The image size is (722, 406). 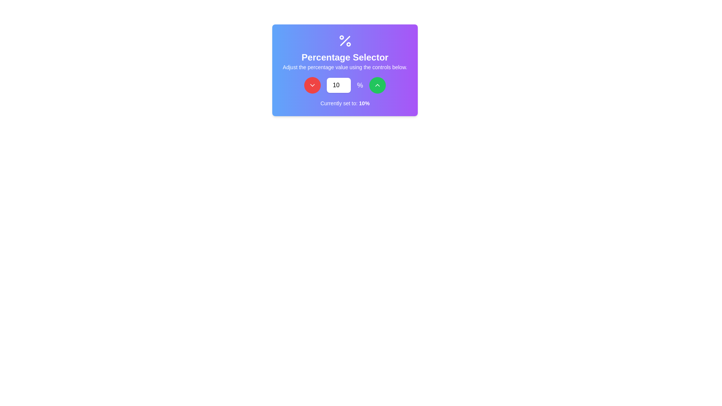 I want to click on the label element that serves as a title for the percentage adjustment functionality, positioned centrally below the percentage icon and above the descriptive text, so click(x=344, y=57).